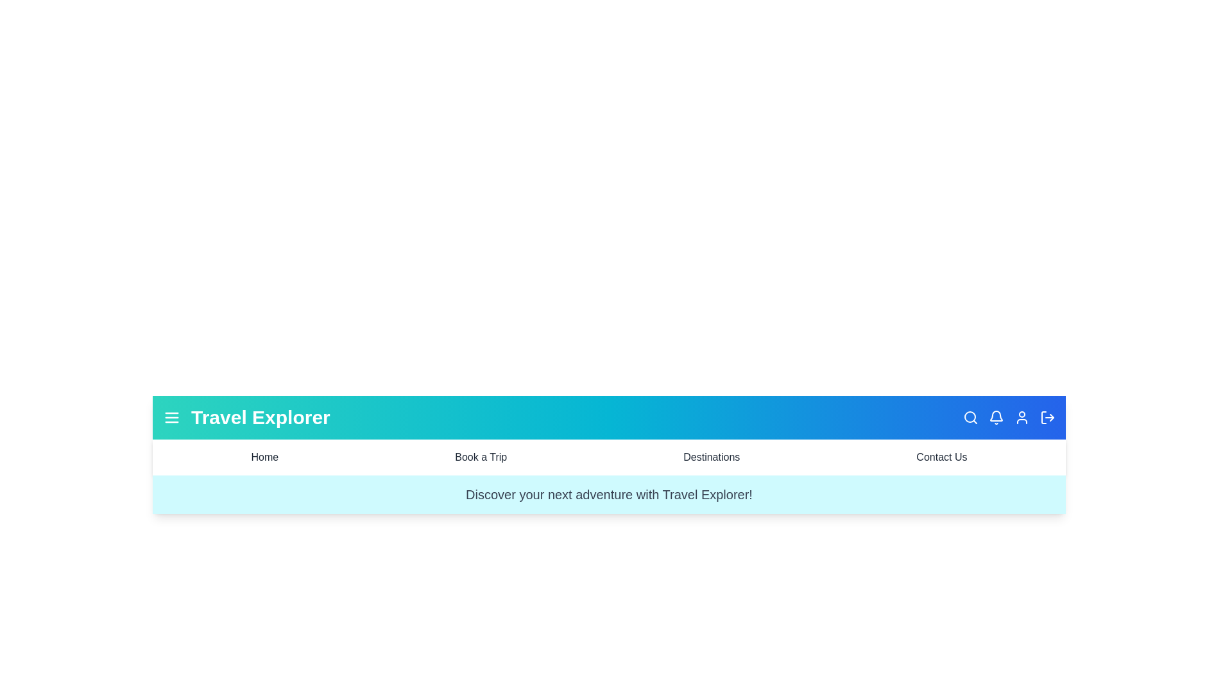 This screenshot has height=693, width=1232. What do you see at coordinates (171, 418) in the screenshot?
I see `the menu icon to toggle the sidebar menu` at bounding box center [171, 418].